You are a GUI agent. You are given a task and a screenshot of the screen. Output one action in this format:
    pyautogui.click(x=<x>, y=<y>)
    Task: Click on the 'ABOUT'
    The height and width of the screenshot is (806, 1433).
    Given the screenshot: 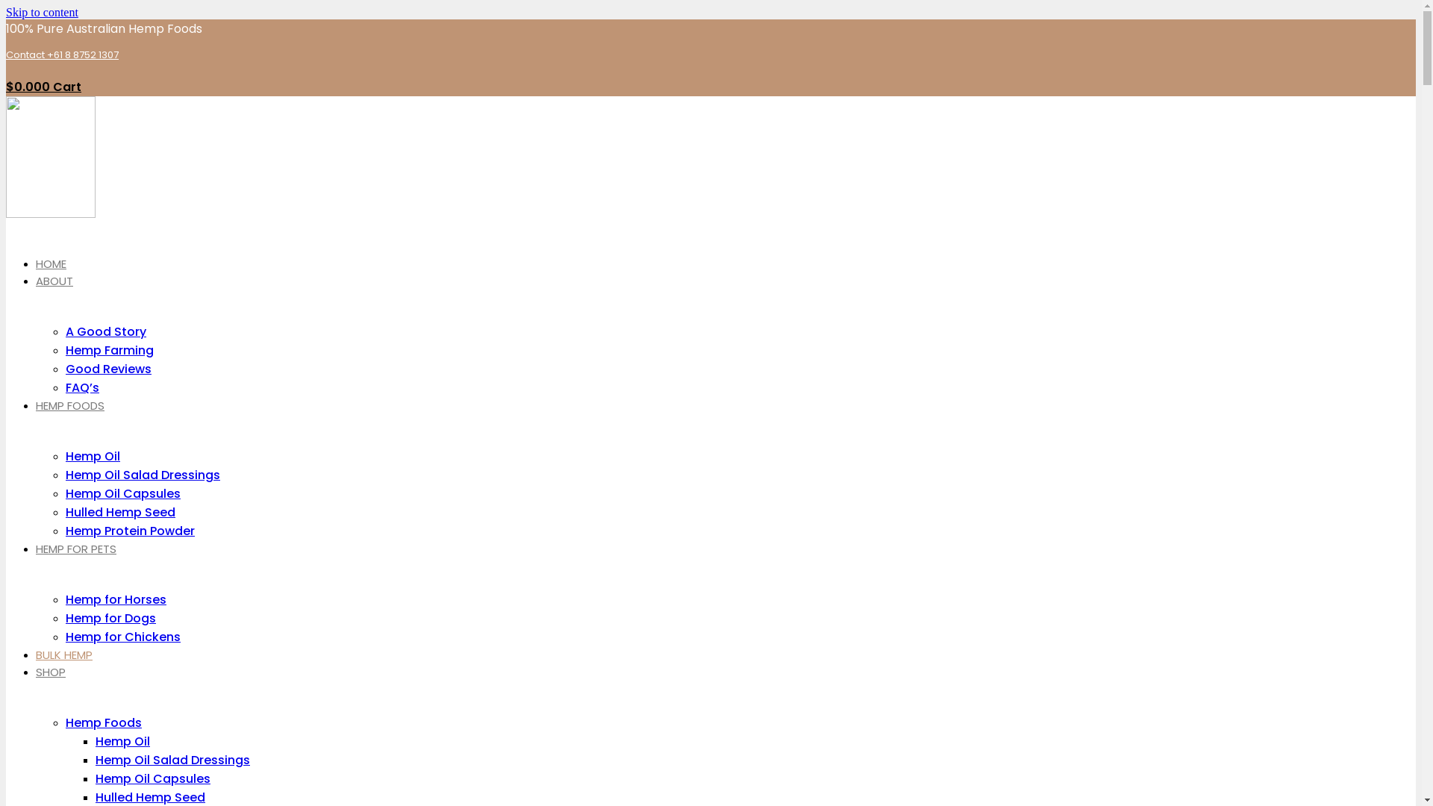 What is the action you would take?
    pyautogui.click(x=54, y=281)
    